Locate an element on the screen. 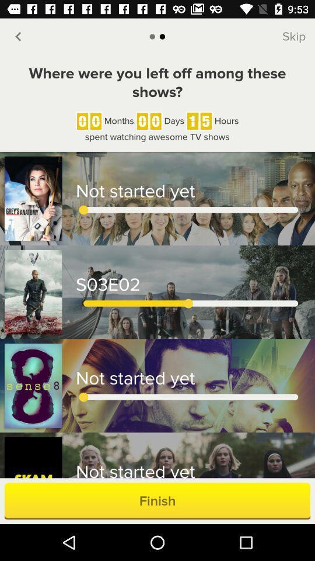 Image resolution: width=315 pixels, height=561 pixels. the arrow_backward icon is located at coordinates (17, 36).